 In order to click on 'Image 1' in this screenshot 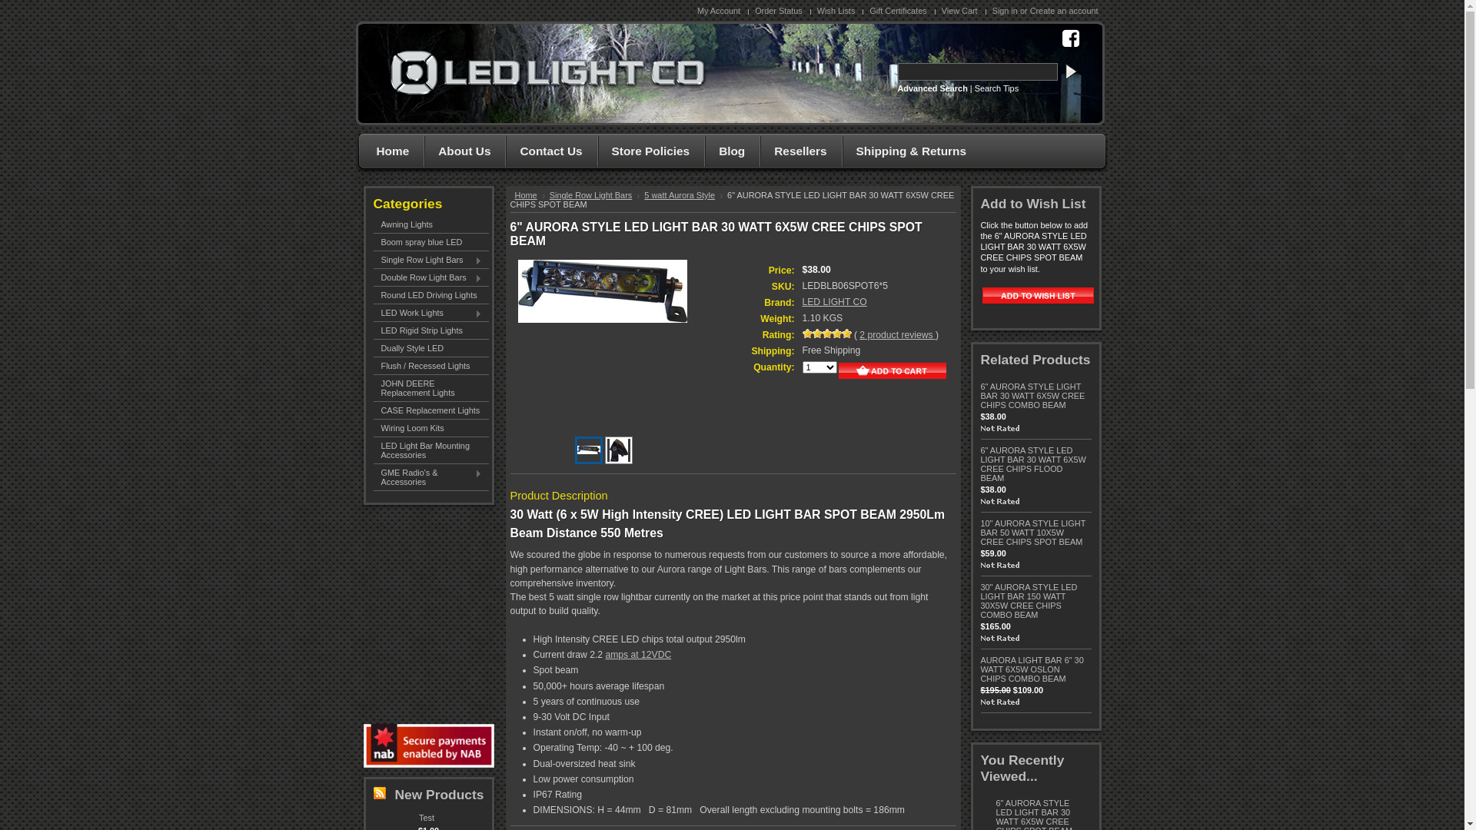, I will do `click(587, 447)`.